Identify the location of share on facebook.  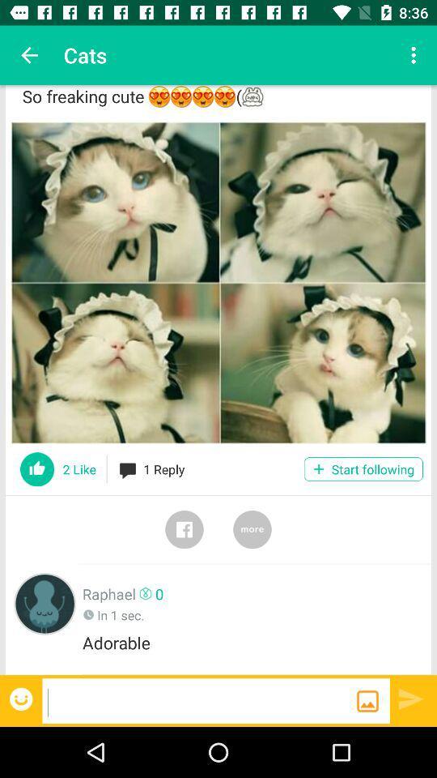
(183, 528).